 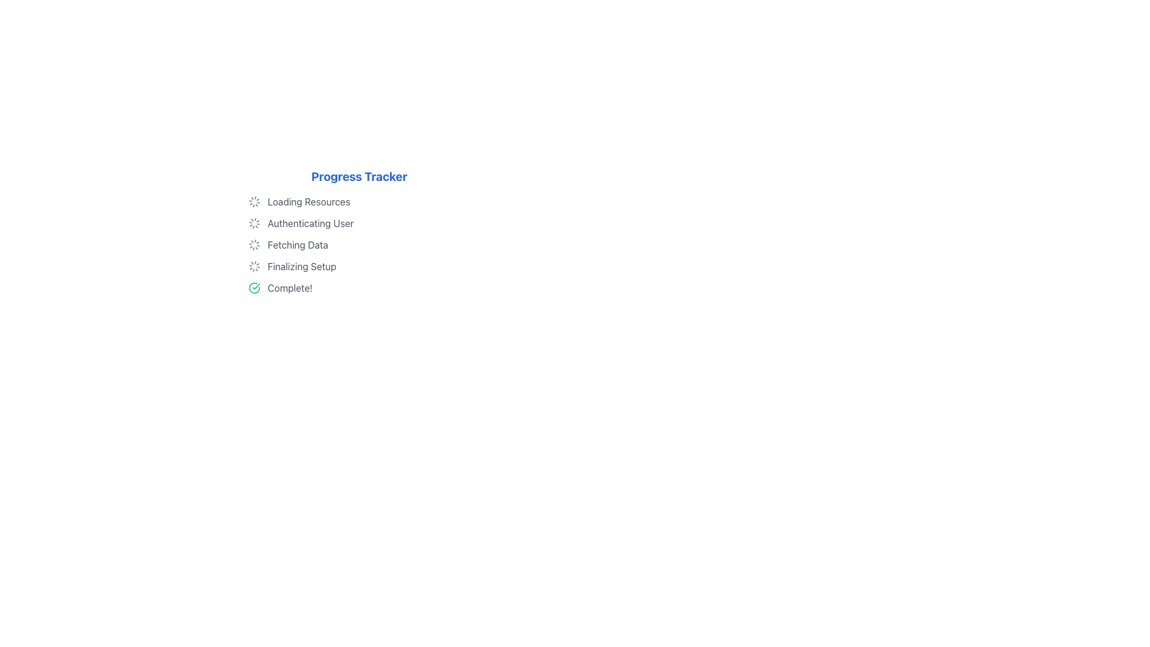 I want to click on the spinning loader icon that indicates an ongoing process, positioned to the left of the 'Fetching Data' text label, so click(x=254, y=244).